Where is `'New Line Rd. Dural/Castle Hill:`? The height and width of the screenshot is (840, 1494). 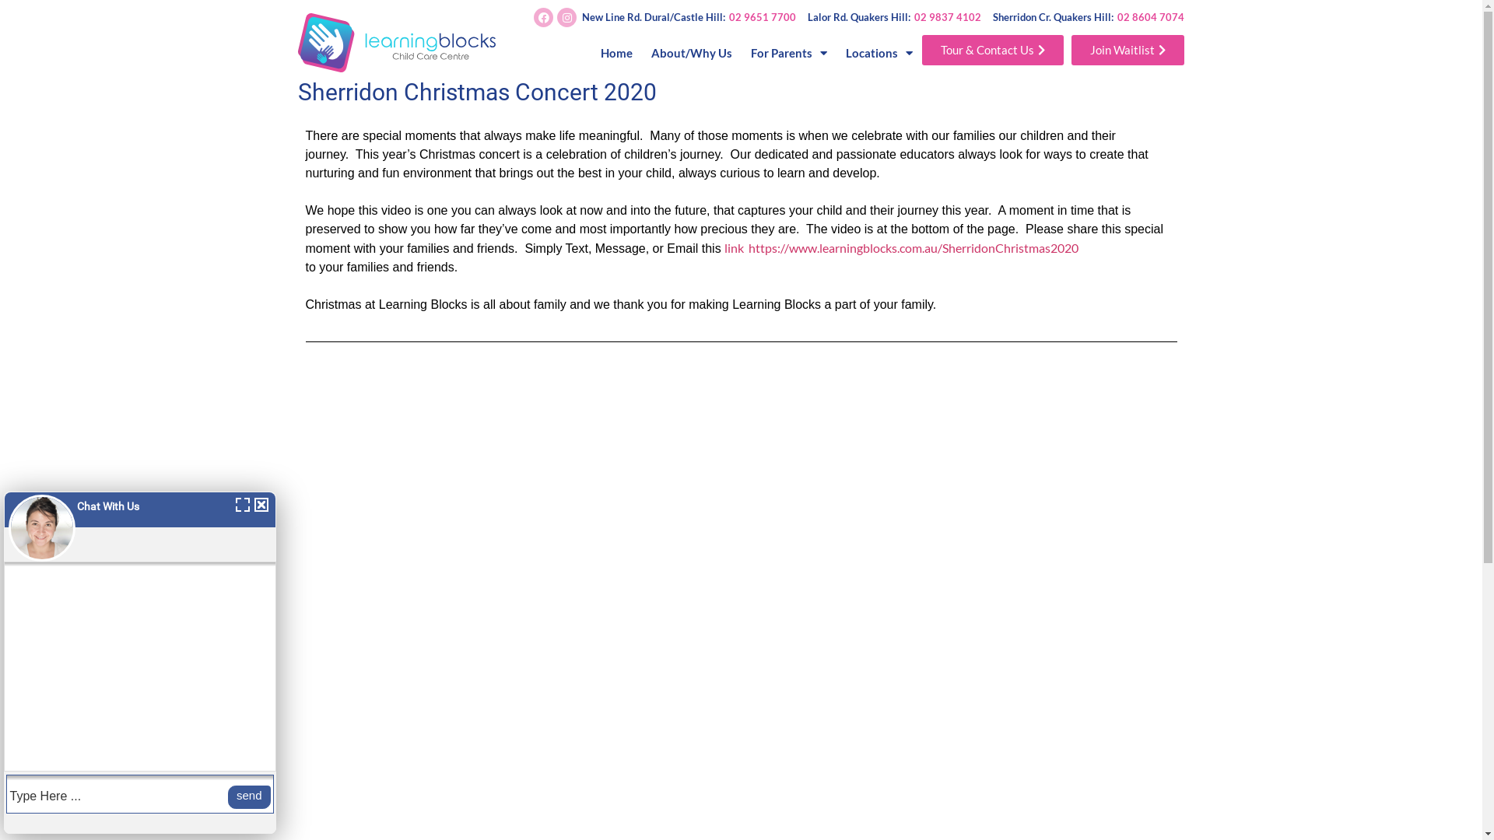 'New Line Rd. Dural/Castle Hill: is located at coordinates (688, 18).